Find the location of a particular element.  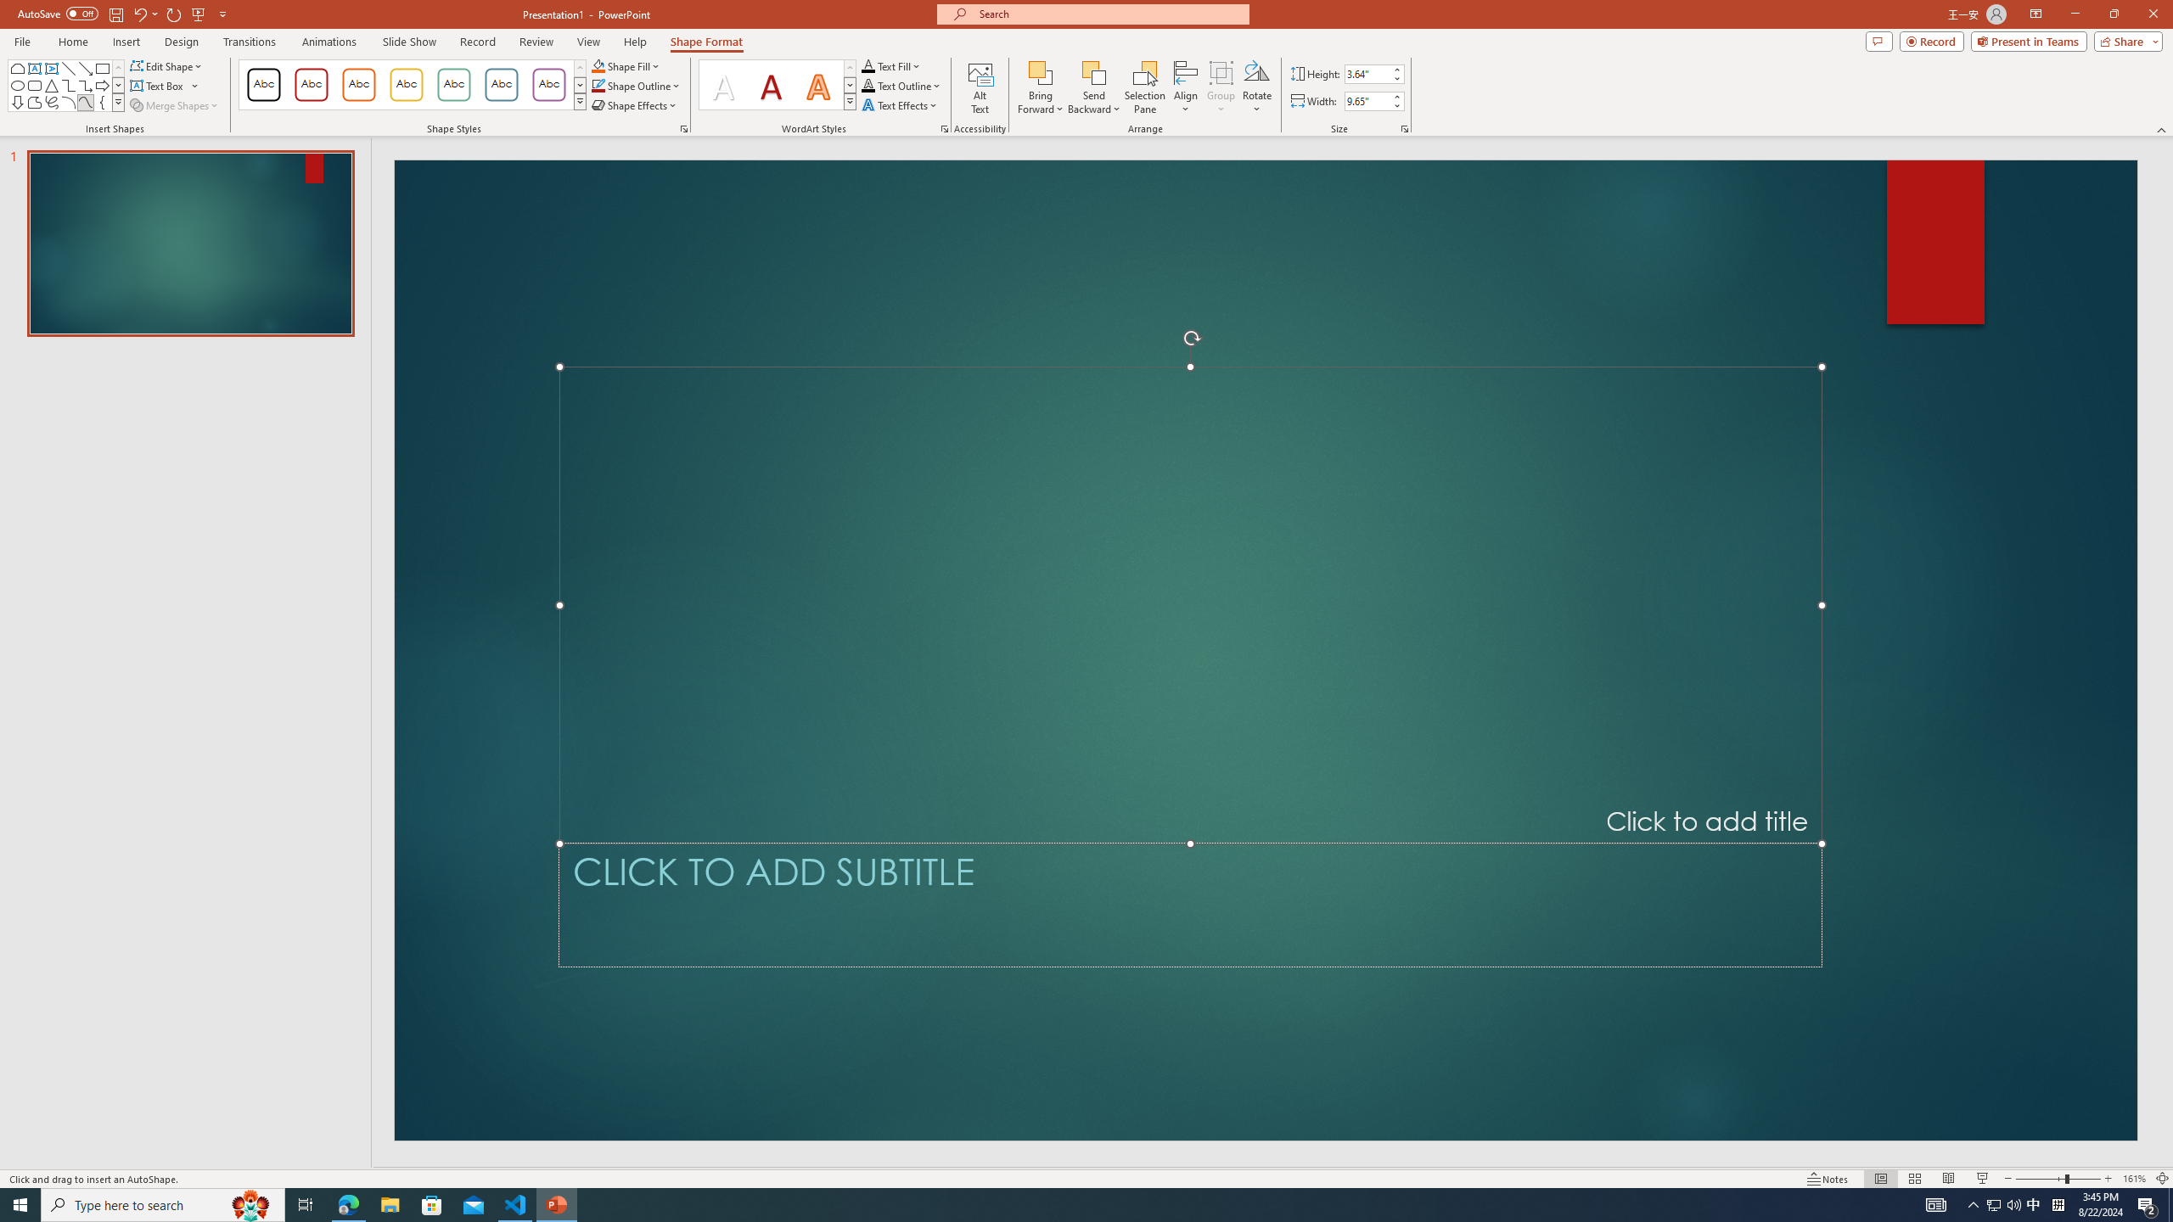

'Edit Shape' is located at coordinates (167, 65).